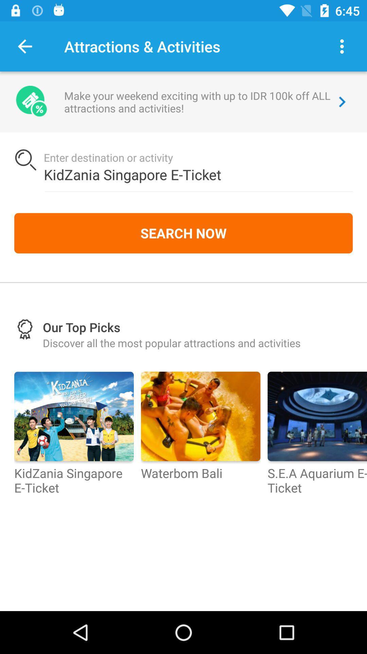  What do you see at coordinates (183, 233) in the screenshot?
I see `the search now` at bounding box center [183, 233].